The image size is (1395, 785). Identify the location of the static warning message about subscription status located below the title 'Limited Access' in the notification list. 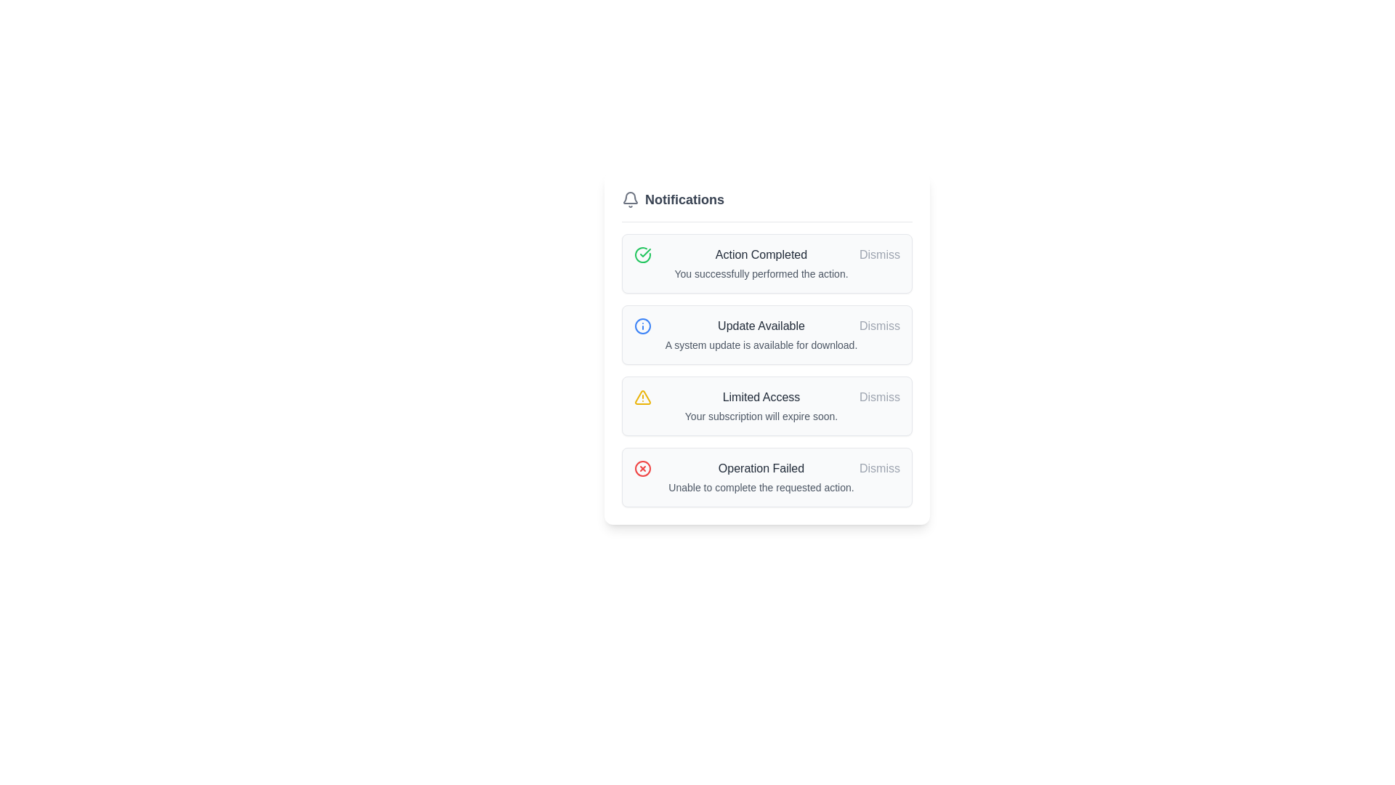
(760, 416).